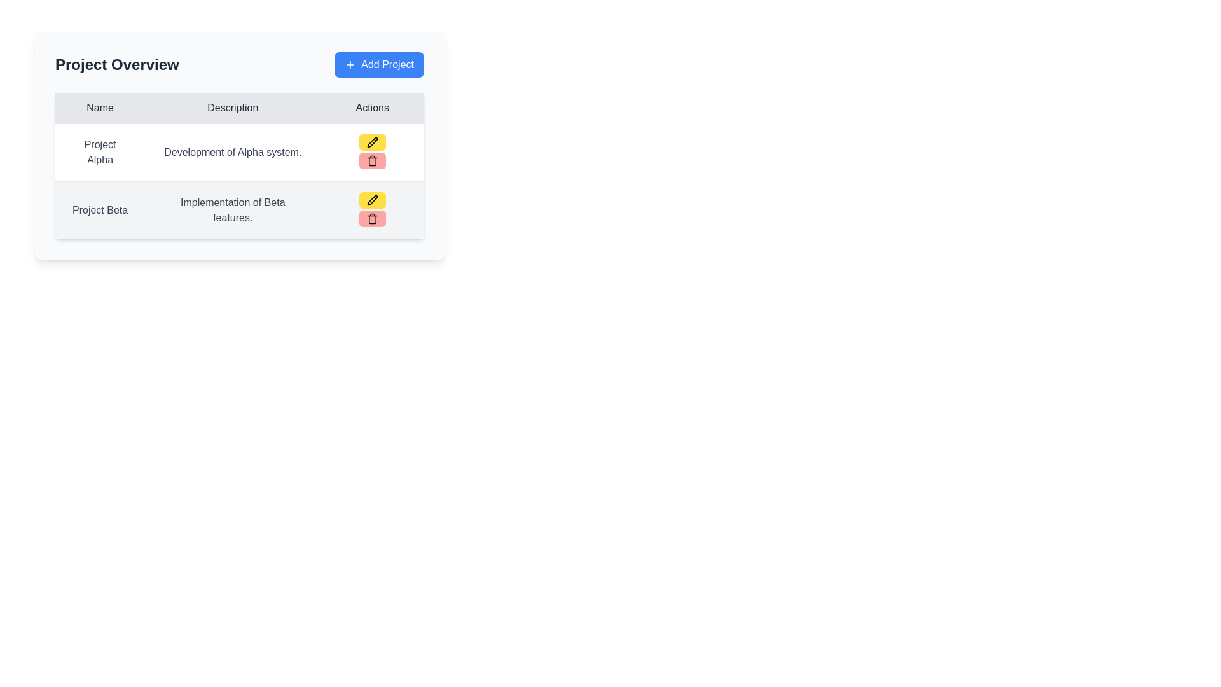 The height and width of the screenshot is (687, 1221). I want to click on the yellow button with rounded corners and a pencil icon in the 'Actions' column of the 'Project Beta' row to initiate an editing action, so click(371, 200).